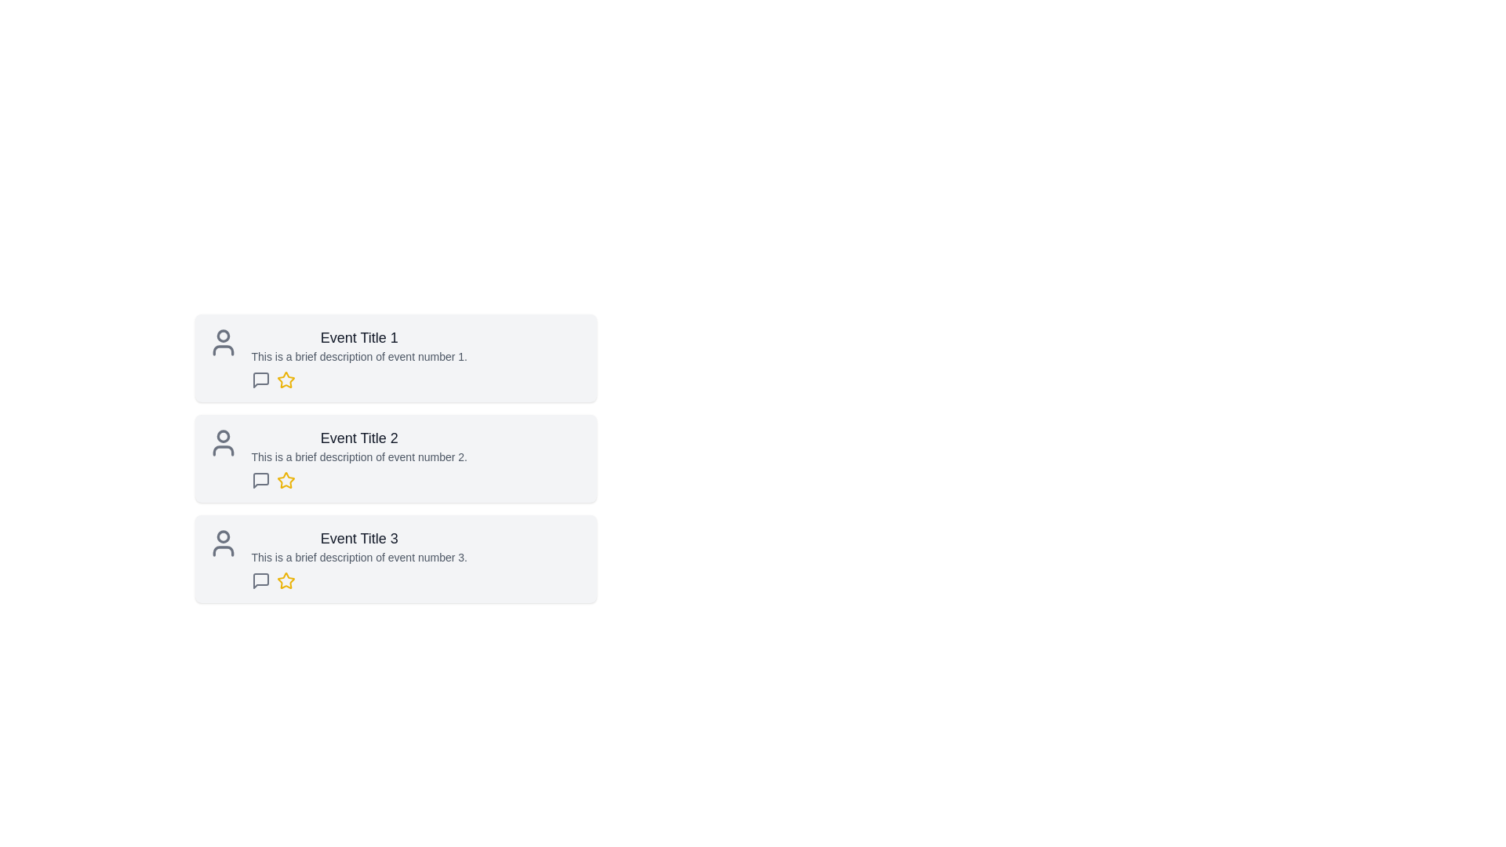  I want to click on the speech bubble icon with rounded edges, styled with a thin black stroke and a white fill, located in the second event listing block, so click(260, 480).